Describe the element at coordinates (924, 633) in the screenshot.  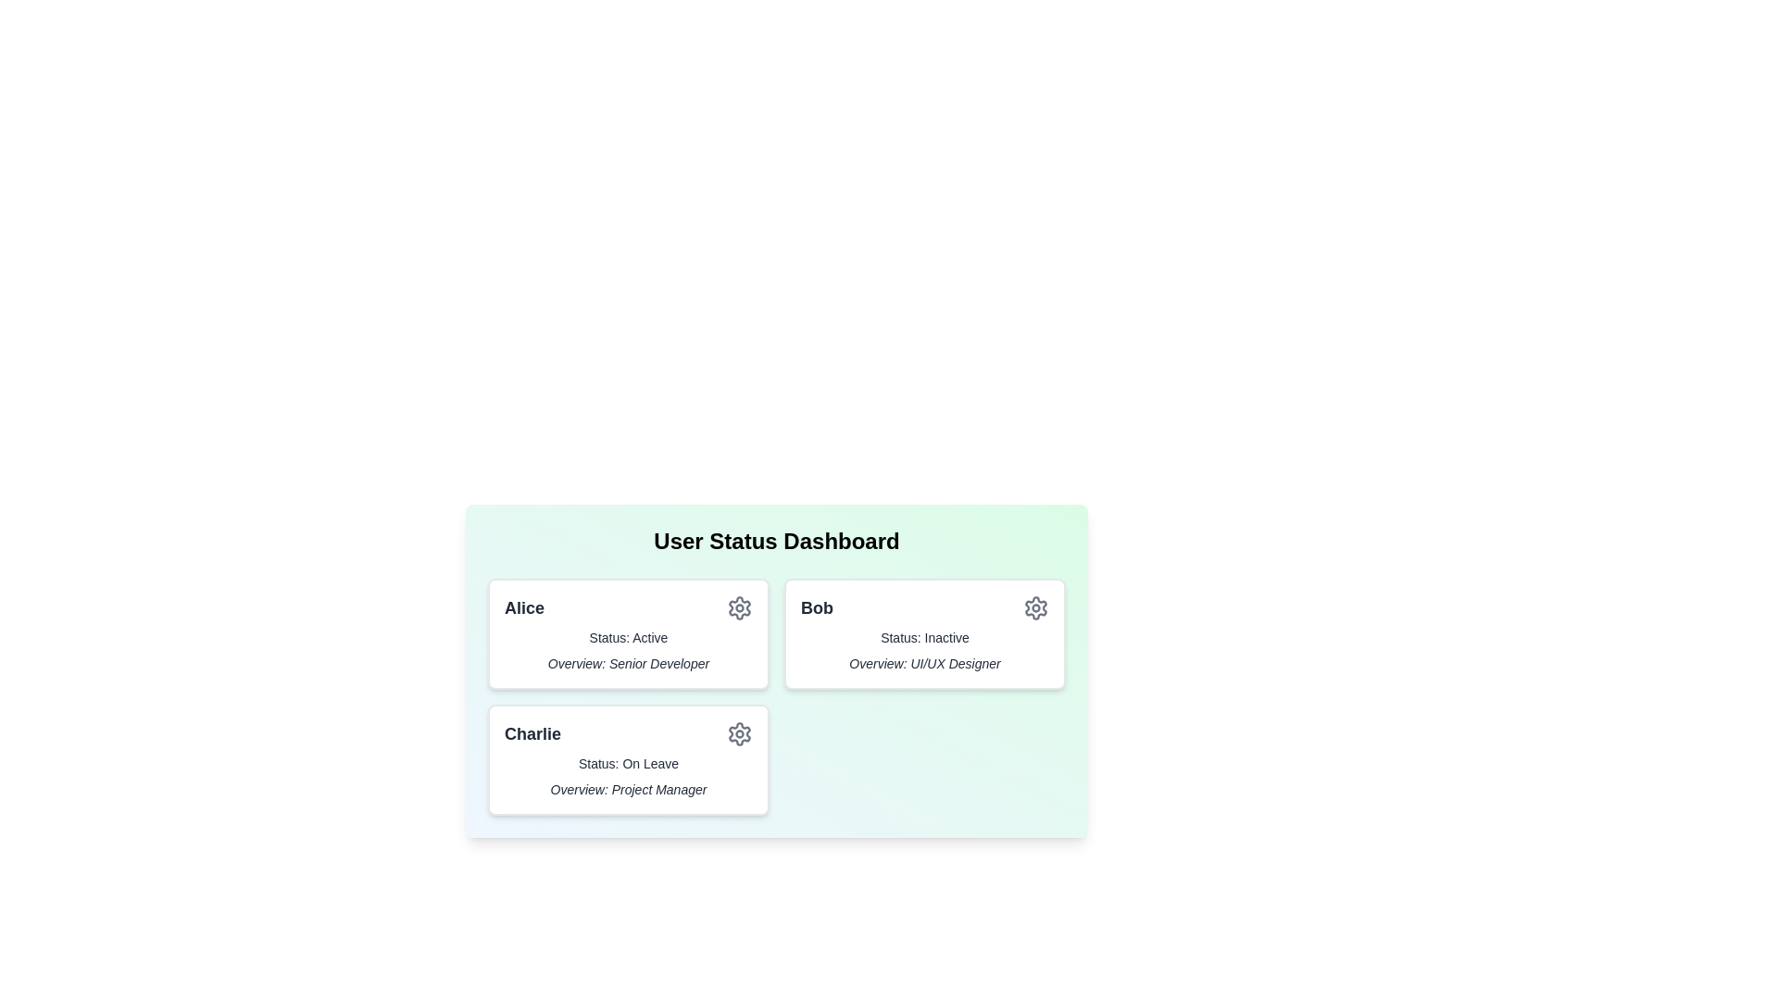
I see `the user card for Bob to toggle their selection` at that location.